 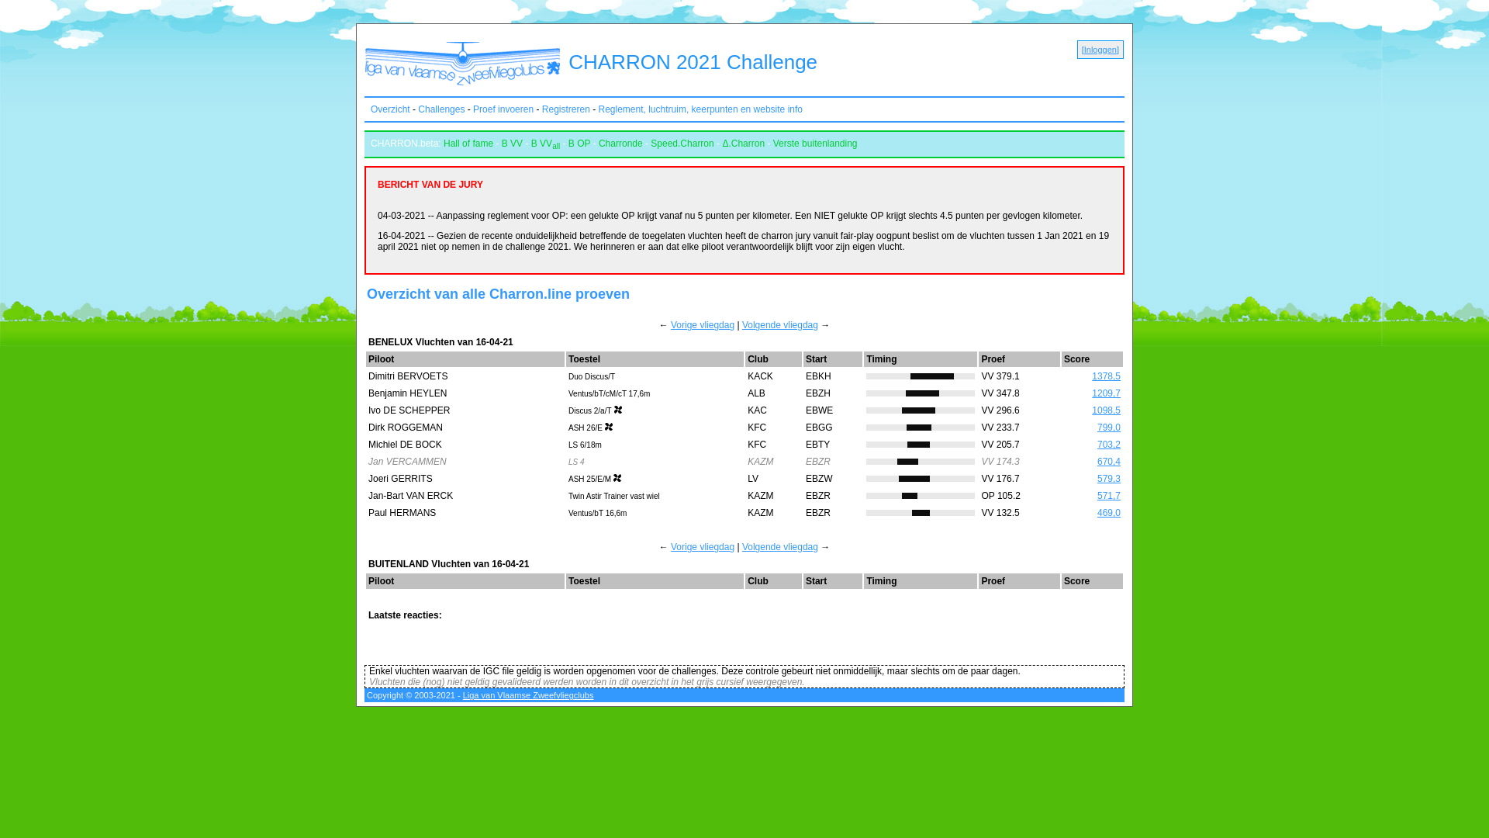 What do you see at coordinates (1083, 49) in the screenshot?
I see `'Inloggen'` at bounding box center [1083, 49].